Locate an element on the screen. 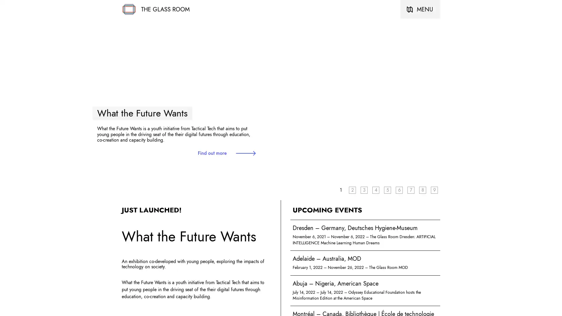 This screenshot has width=562, height=316. slide item 5 is located at coordinates (388, 190).